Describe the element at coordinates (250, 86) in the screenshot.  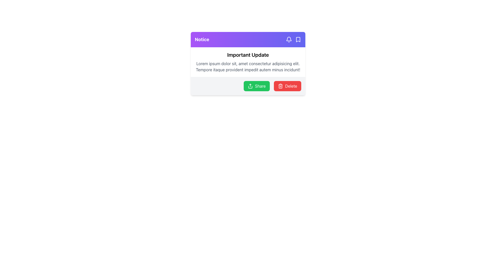
I see `the share icon button, which is the leftmost button in a horizontal arrangement of buttons within a green button labeled 'Share', featuring an upward arrow from a box` at that location.